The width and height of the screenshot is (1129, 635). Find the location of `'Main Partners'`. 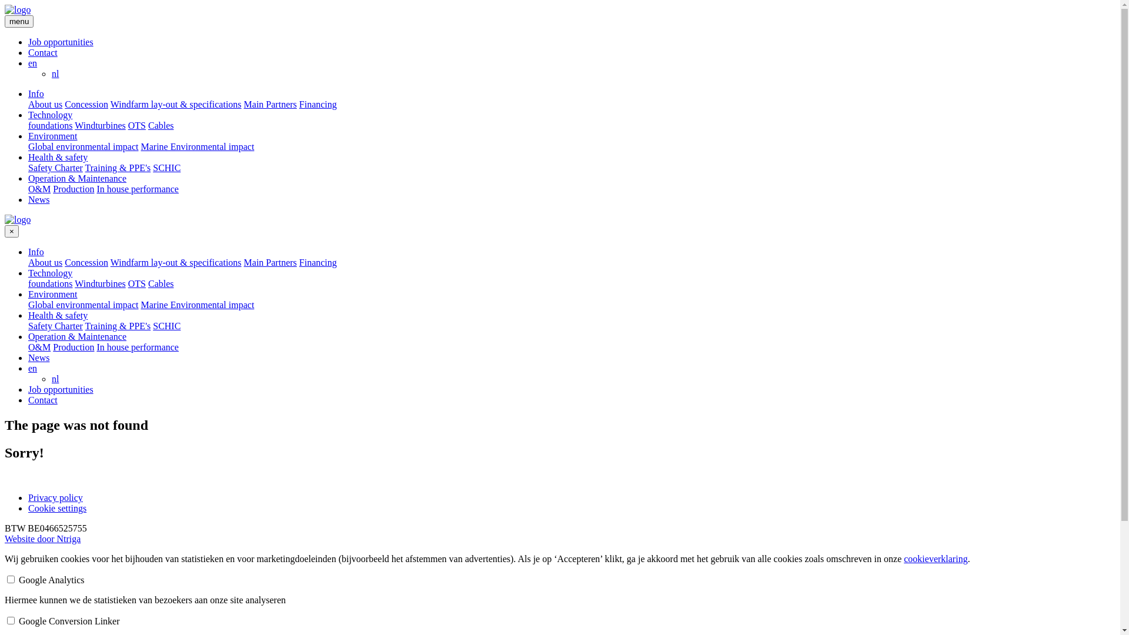

'Main Partners' is located at coordinates (270, 103).